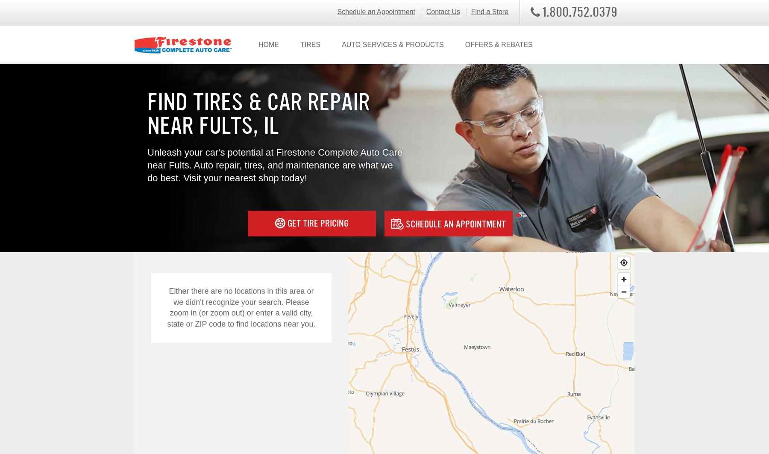 This screenshot has height=454, width=769. What do you see at coordinates (464, 44) in the screenshot?
I see `'OFFERS & REBATES'` at bounding box center [464, 44].